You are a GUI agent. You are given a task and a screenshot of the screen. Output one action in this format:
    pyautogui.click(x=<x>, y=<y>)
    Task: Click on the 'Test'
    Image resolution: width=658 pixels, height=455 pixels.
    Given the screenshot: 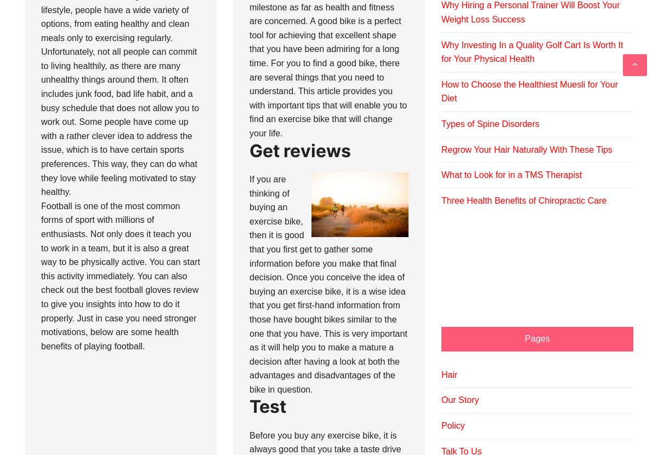 What is the action you would take?
    pyautogui.click(x=267, y=406)
    